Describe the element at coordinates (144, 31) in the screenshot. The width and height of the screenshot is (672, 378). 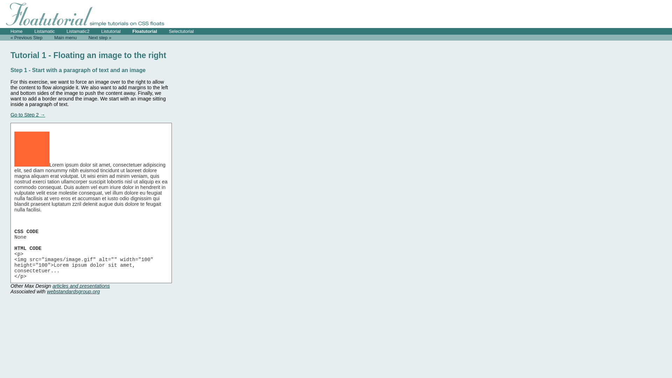
I see `'Floatutorial'` at that location.